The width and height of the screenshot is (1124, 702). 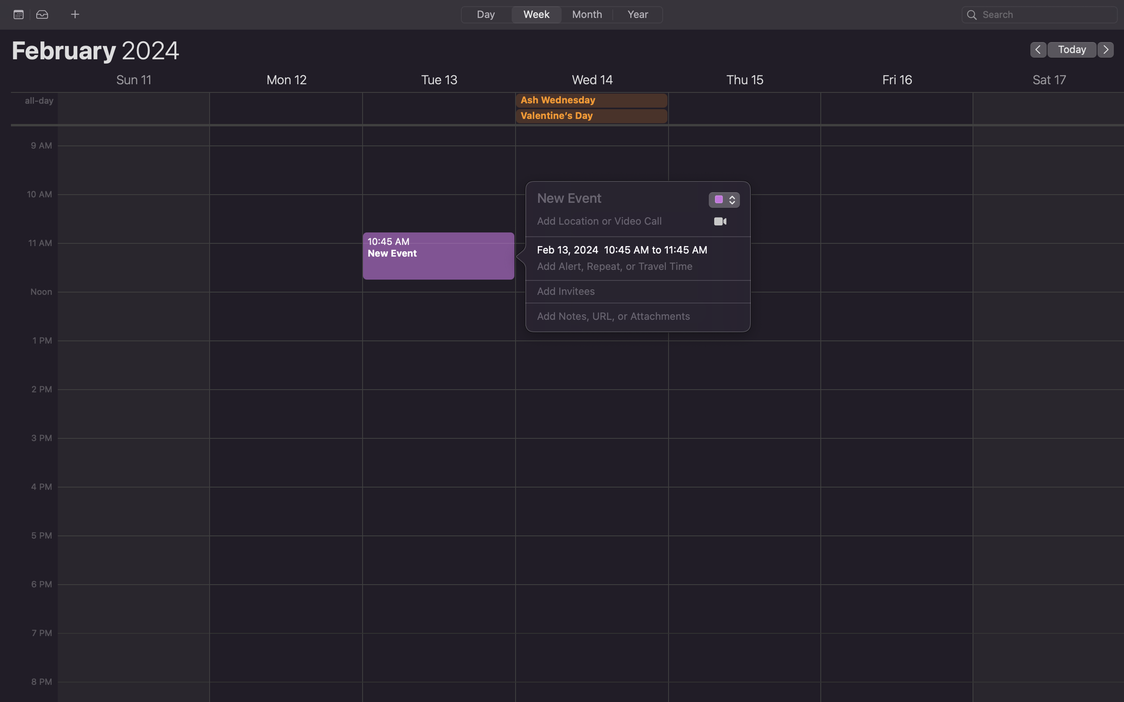 What do you see at coordinates (627, 317) in the screenshot?
I see `Add the notes "Please bring your laptops for the presentation"` at bounding box center [627, 317].